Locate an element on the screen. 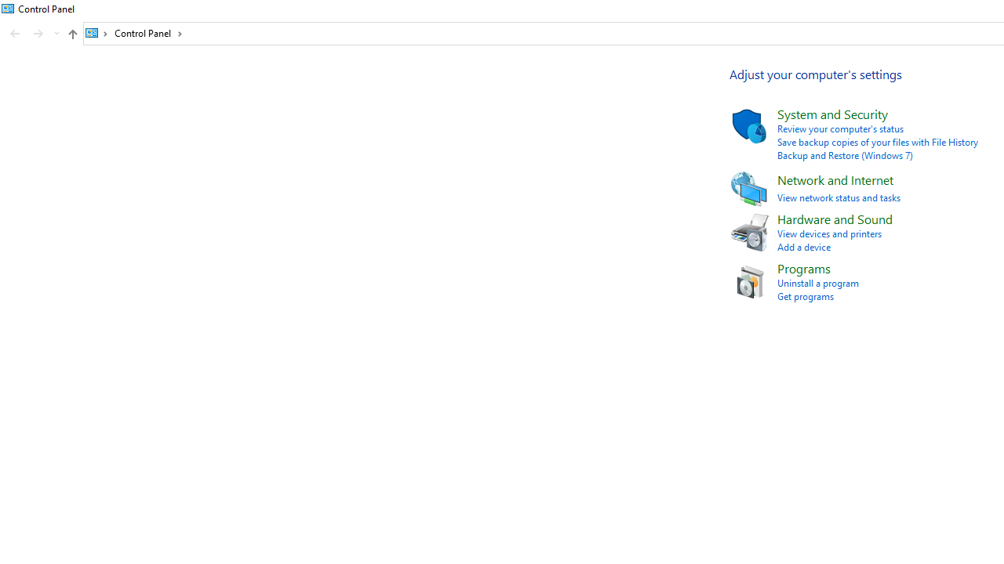 This screenshot has height=564, width=1004. 'Programs' is located at coordinates (804, 267).